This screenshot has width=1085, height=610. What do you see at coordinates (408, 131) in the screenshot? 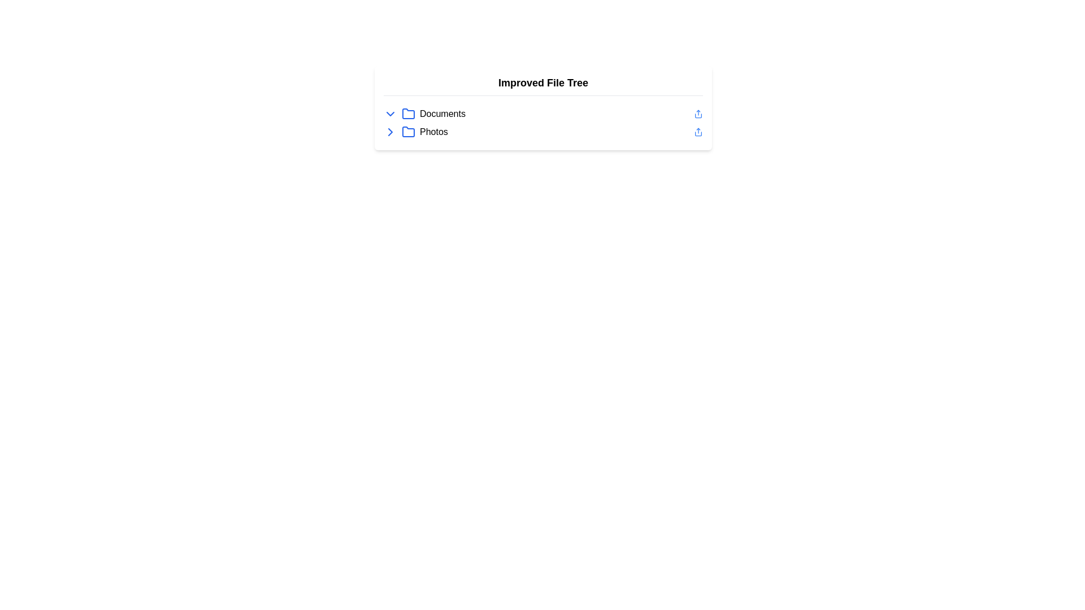
I see `the folder icon located immediately to the left of the 'Photos' text in the file tree structure` at bounding box center [408, 131].